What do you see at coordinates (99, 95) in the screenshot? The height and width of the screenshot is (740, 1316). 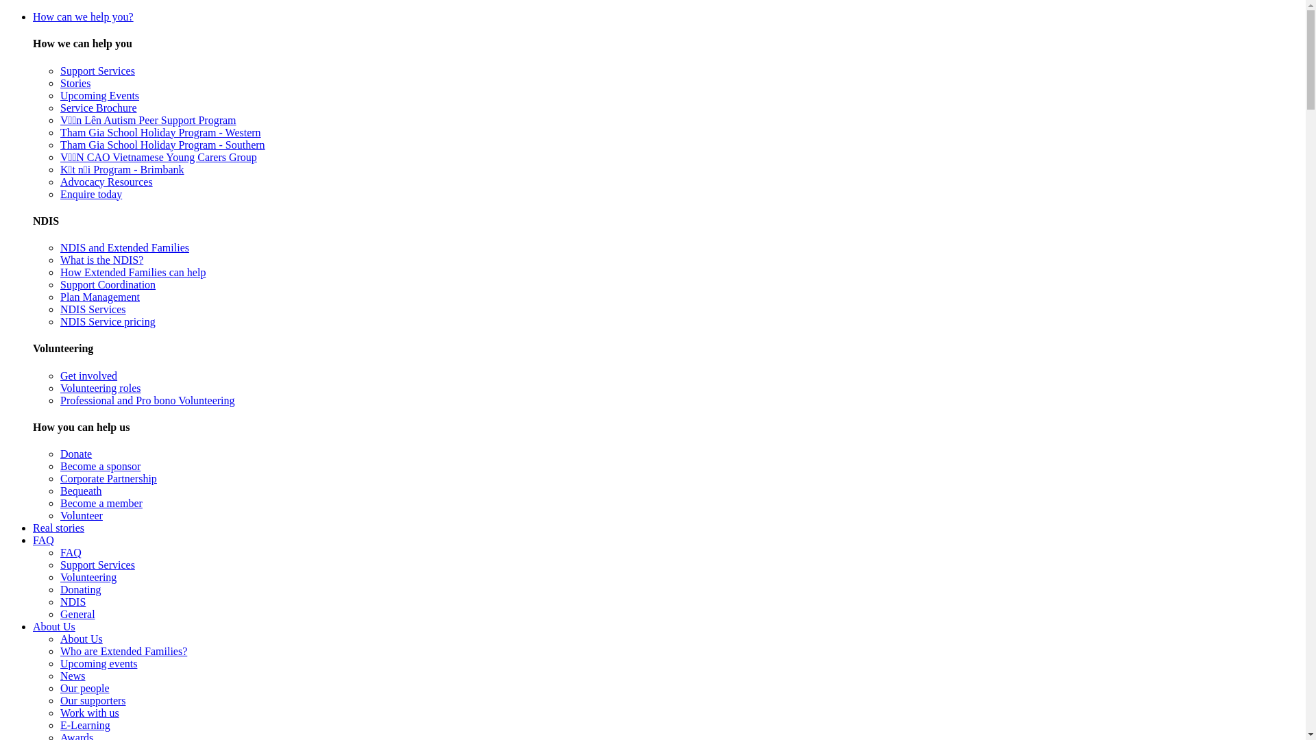 I see `'Upcoming Events'` at bounding box center [99, 95].